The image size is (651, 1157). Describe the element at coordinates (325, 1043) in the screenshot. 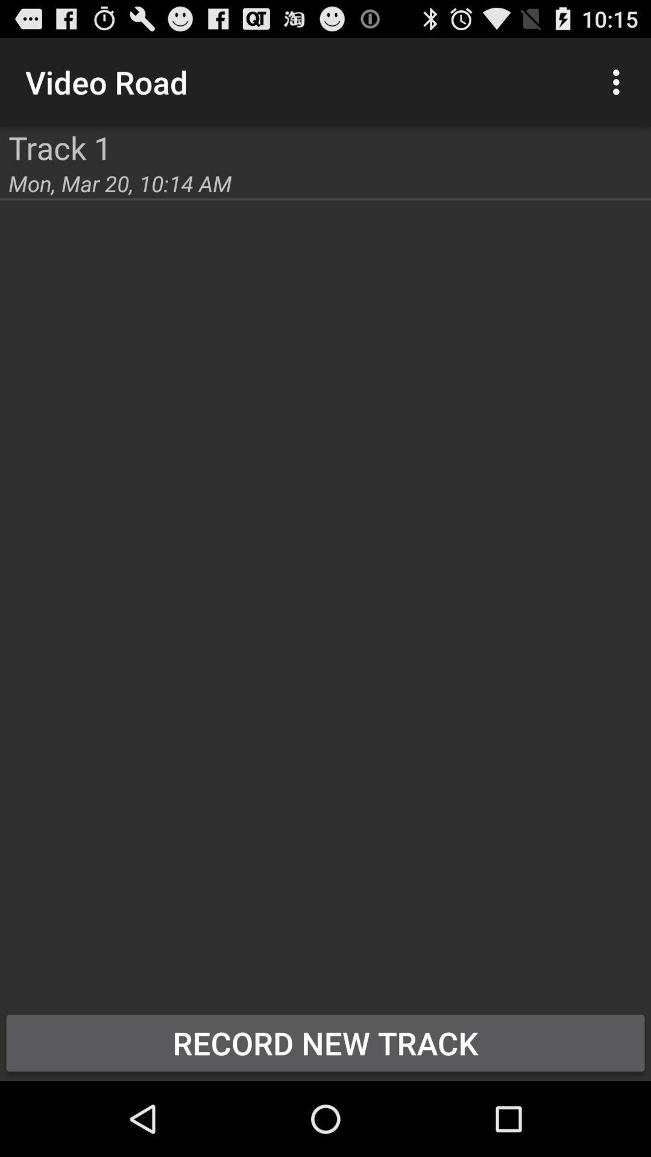

I see `record new track at the bottom` at that location.